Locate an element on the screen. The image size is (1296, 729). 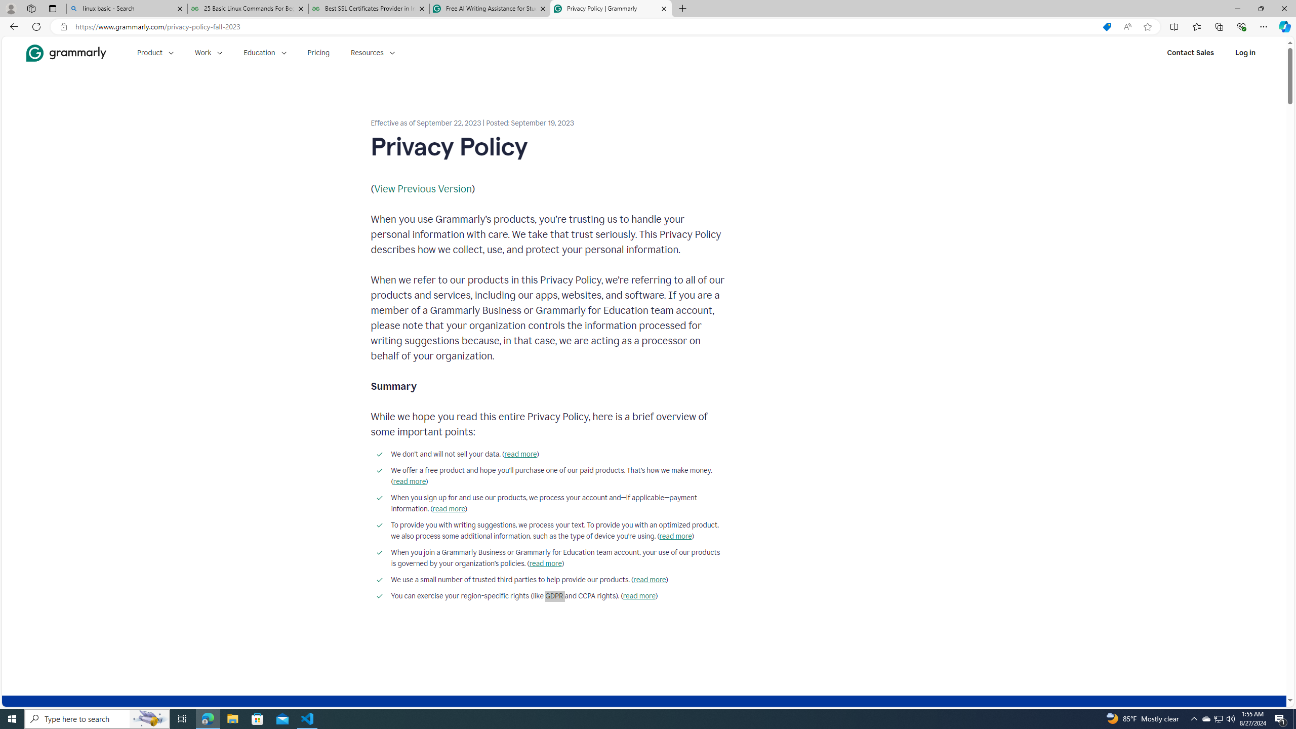
'Grammarly Home' is located at coordinates (66, 52).